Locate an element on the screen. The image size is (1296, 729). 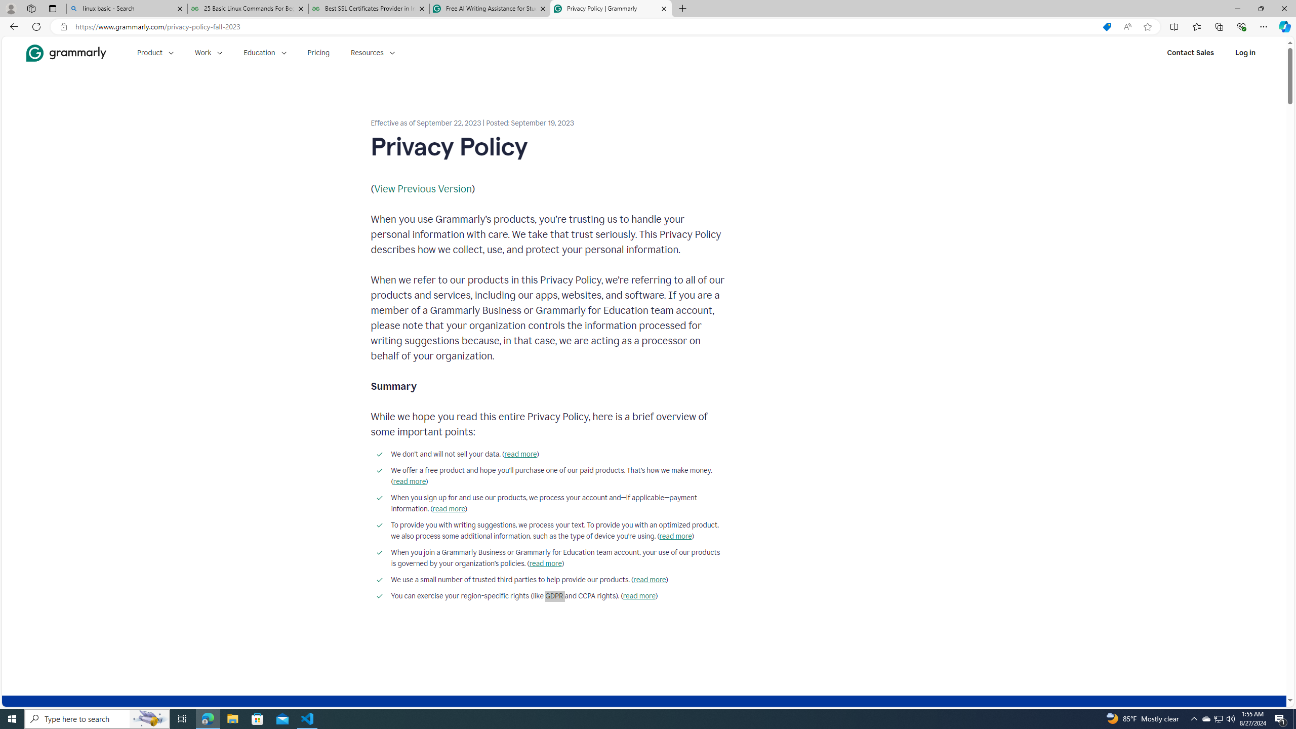
'Grammarly Home' is located at coordinates (66, 52).